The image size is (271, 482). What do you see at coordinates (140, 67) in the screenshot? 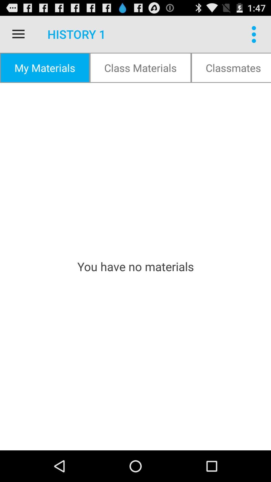
I see `the item next to the my materials icon` at bounding box center [140, 67].